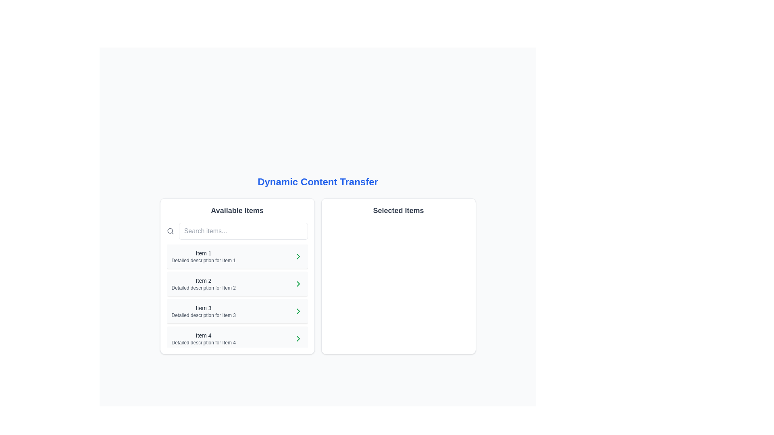 Image resolution: width=774 pixels, height=435 pixels. I want to click on the Text block titled 'Item 3' within the 'Available Items' panel, which contains a brief description and is in a card-like appearance, so click(204, 311).